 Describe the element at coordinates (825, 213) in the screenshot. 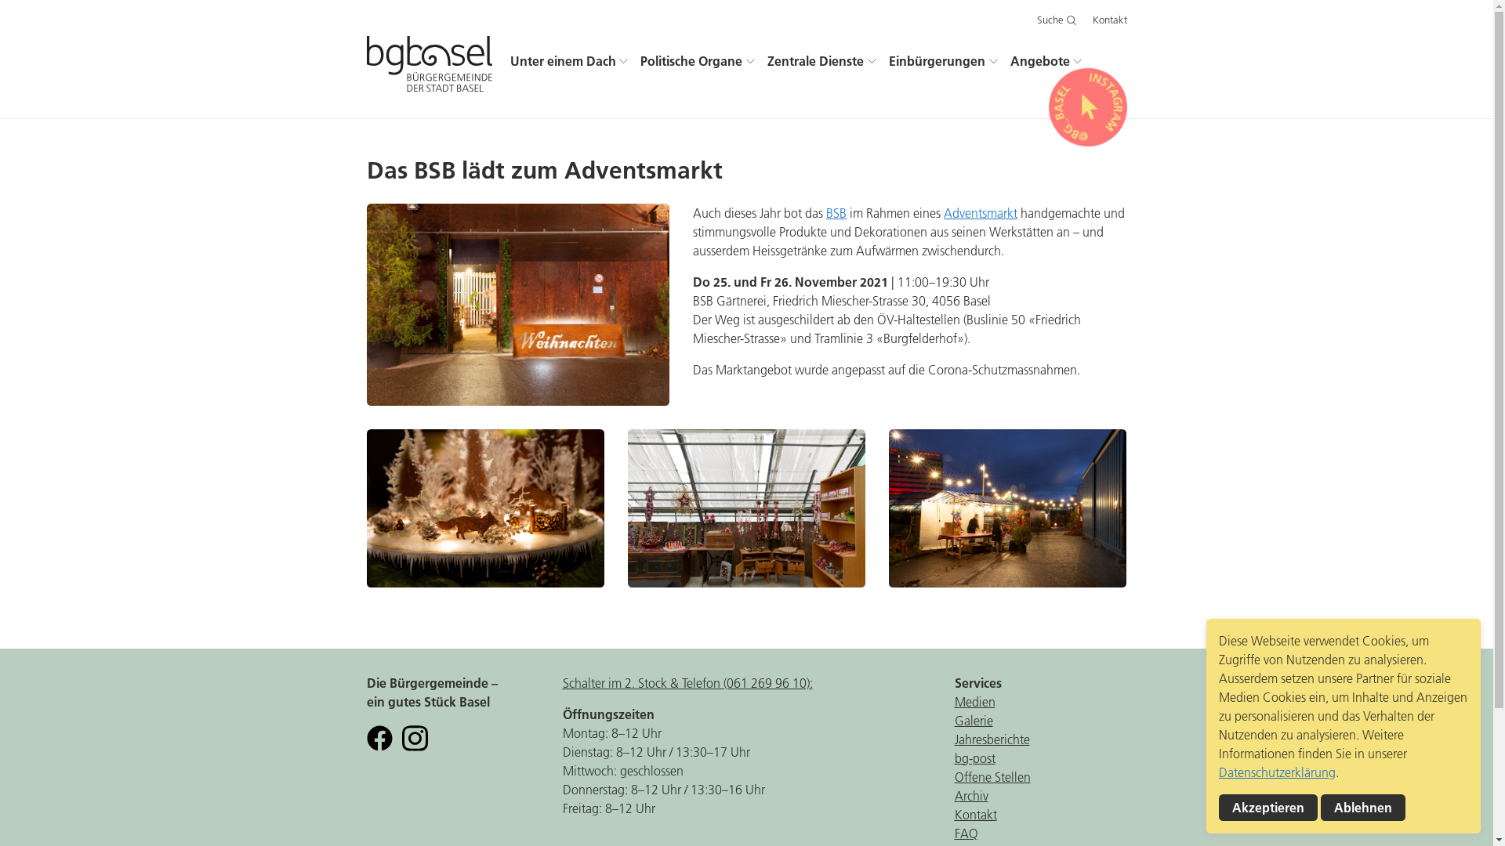

I see `'BSB'` at that location.